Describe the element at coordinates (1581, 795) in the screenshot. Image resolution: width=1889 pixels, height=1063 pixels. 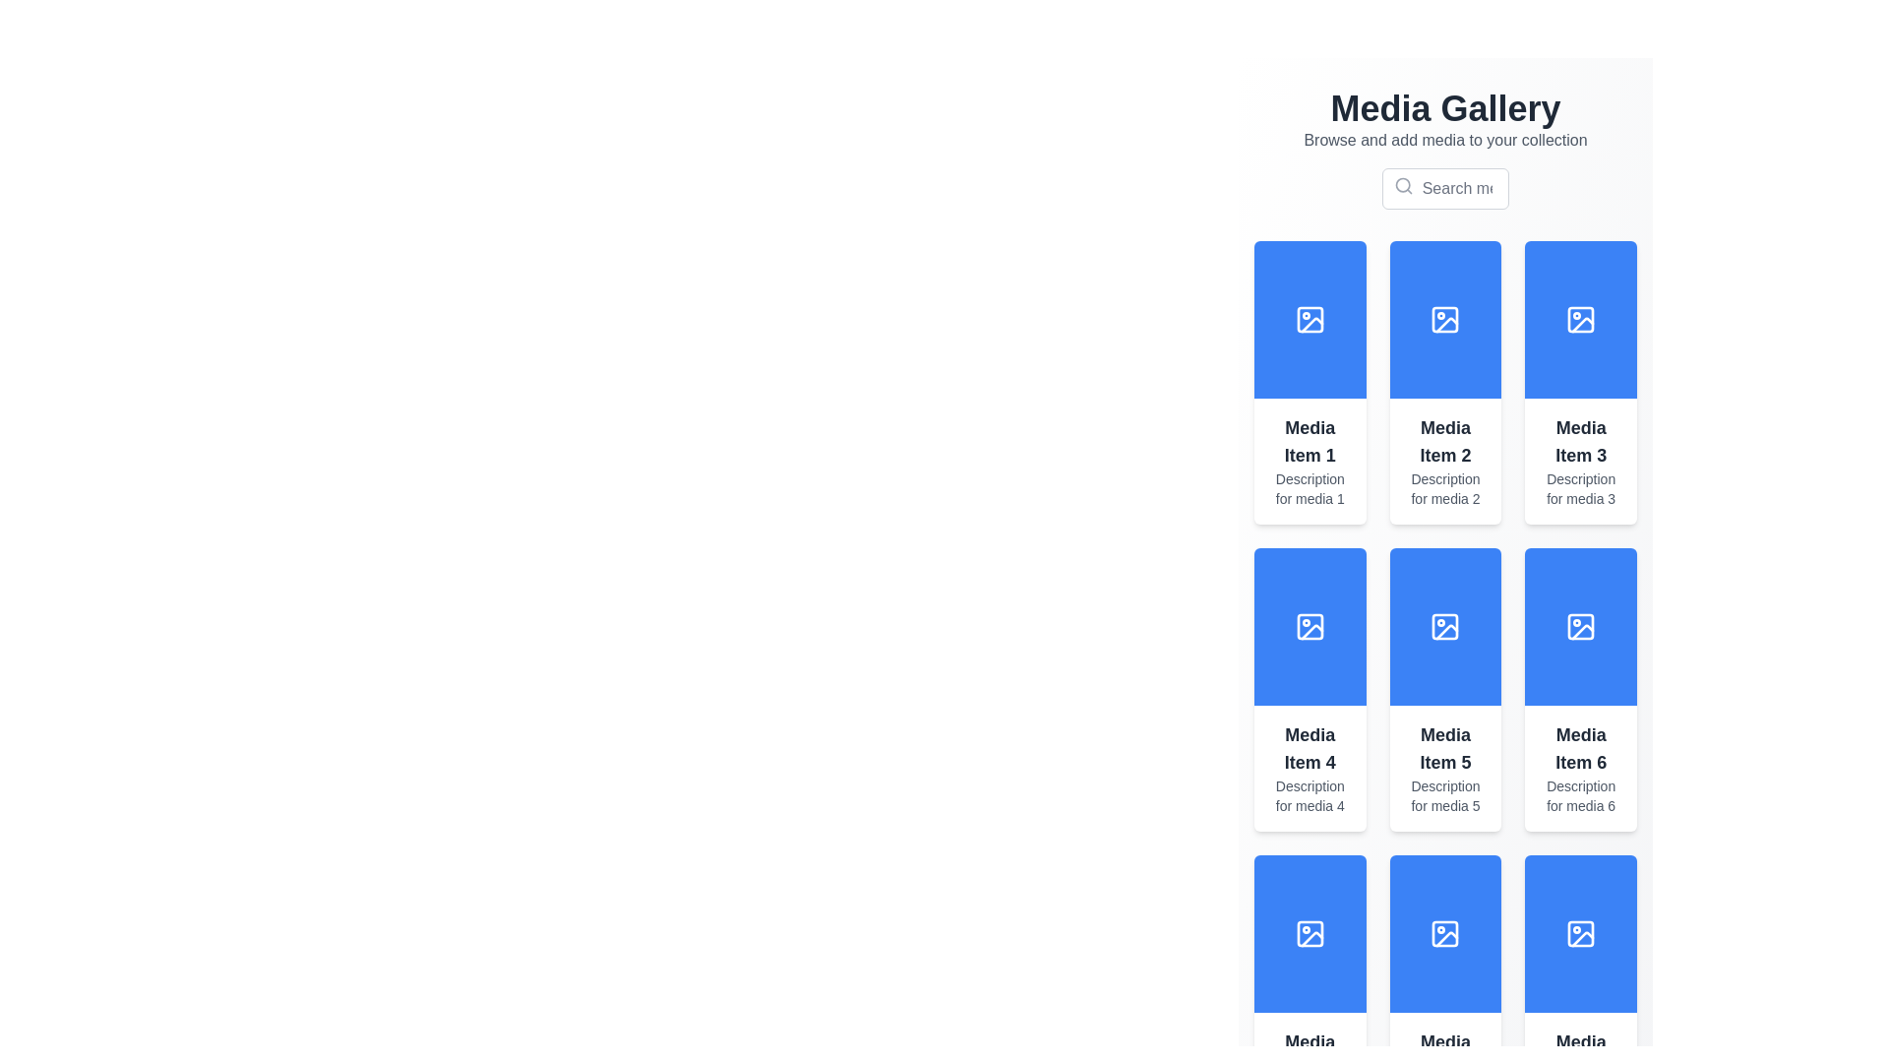
I see `the descriptive text for 'Media Item 6' located in the second line of the card, directly below its title, for copying` at that location.